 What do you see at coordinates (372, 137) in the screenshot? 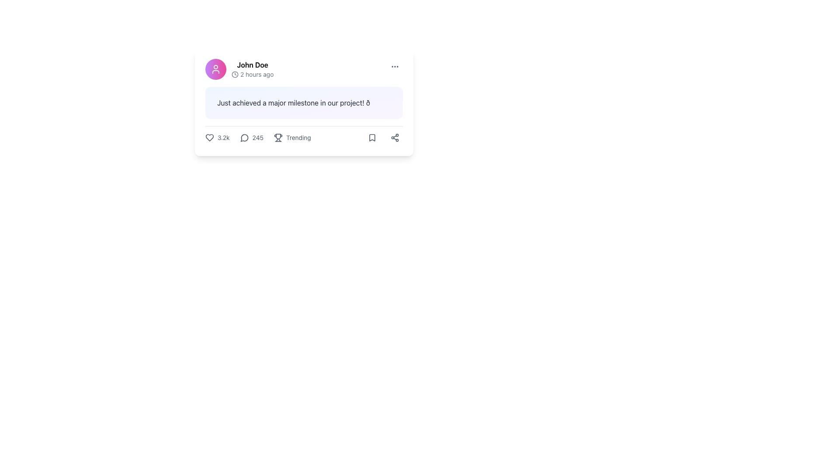
I see `the interactive bookmark icon located at the rightmost position of the user engagement section in a user's post card to bookmark the post` at bounding box center [372, 137].